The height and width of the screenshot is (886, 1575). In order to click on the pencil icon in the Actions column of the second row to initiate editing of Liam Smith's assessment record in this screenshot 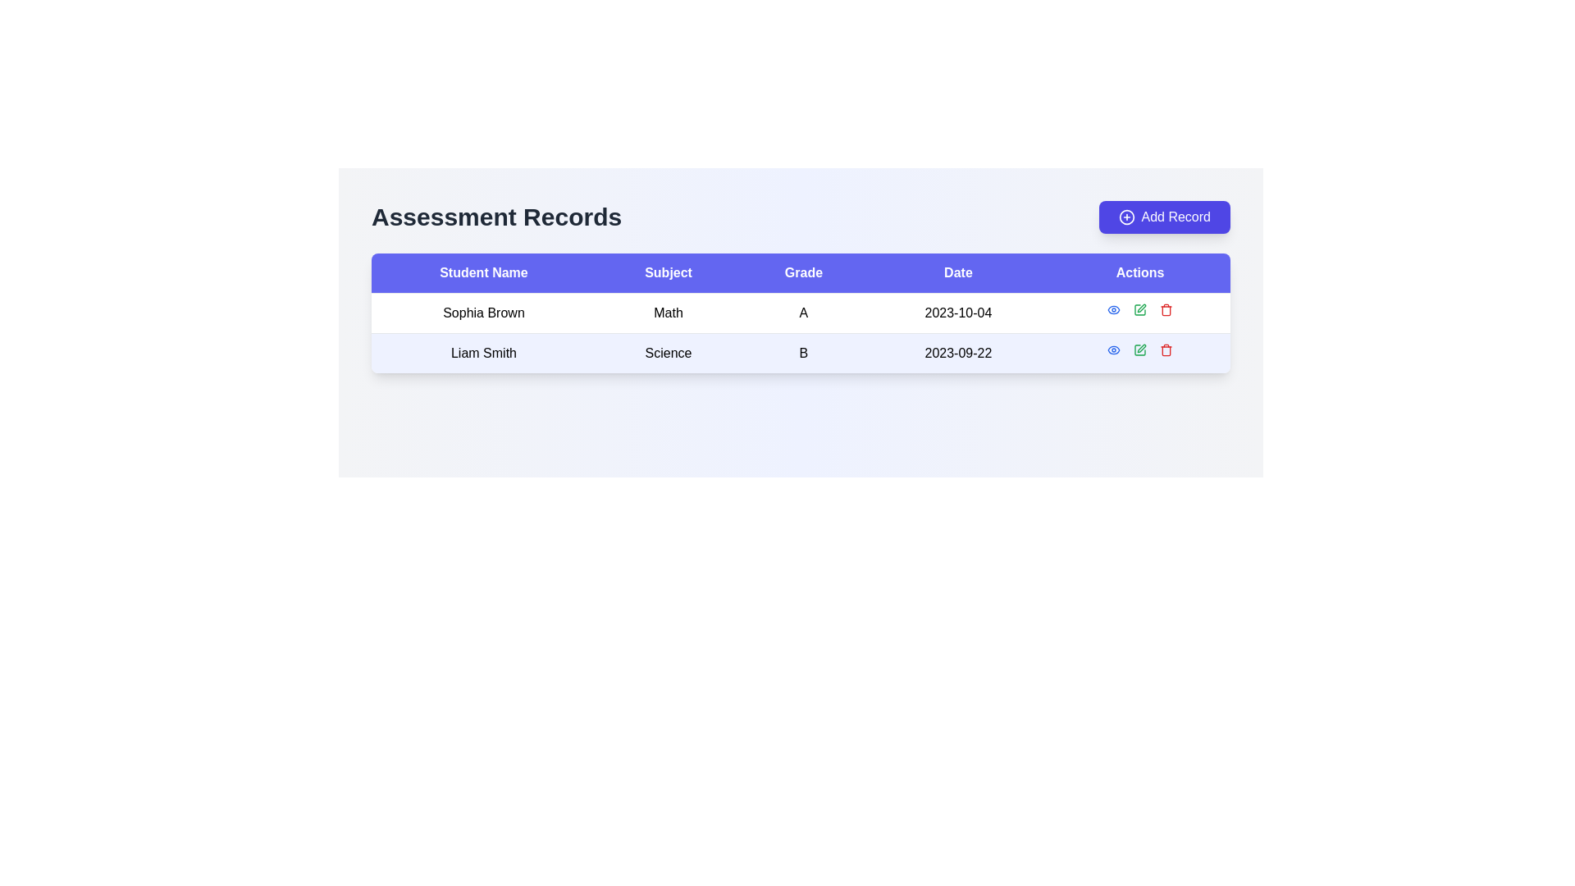, I will do `click(1139, 349)`.